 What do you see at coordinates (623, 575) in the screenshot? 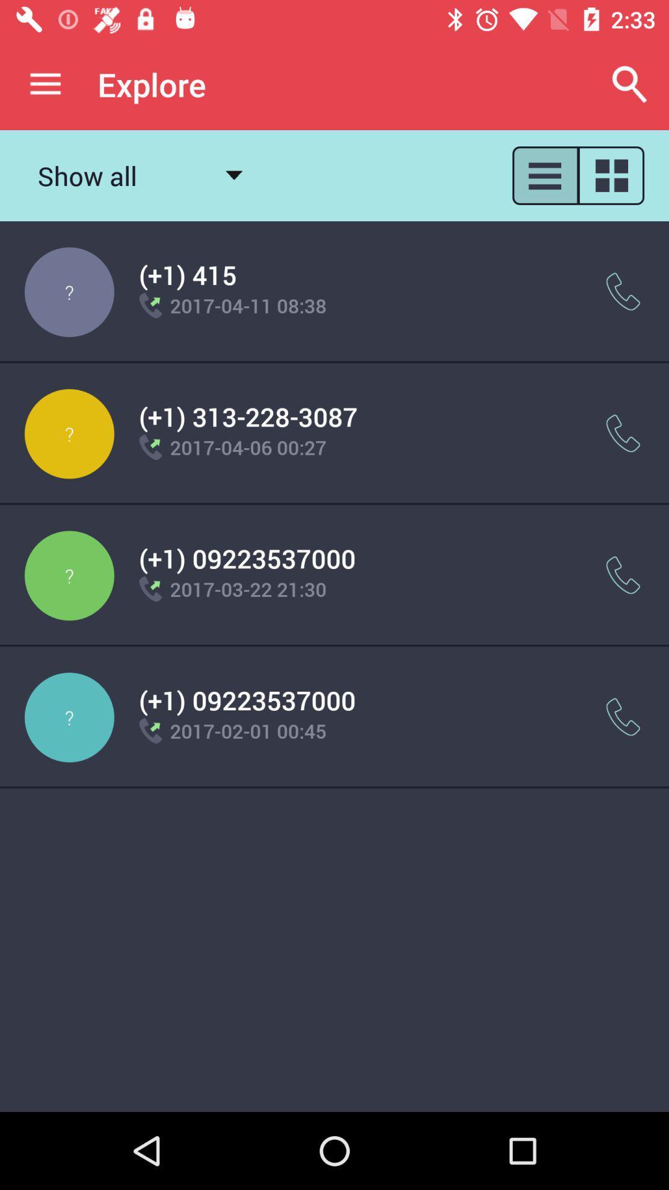
I see `calling` at bounding box center [623, 575].